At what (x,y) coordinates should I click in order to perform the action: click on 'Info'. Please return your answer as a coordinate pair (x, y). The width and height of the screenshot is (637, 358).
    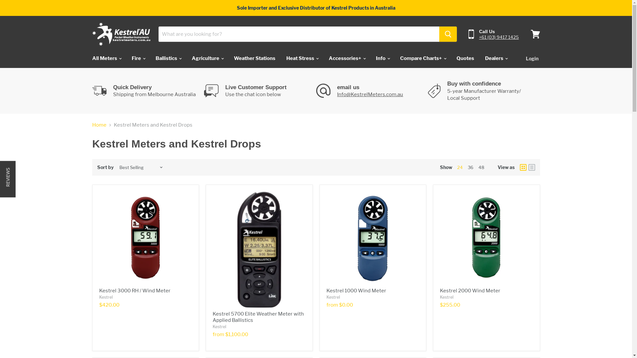
    Looking at the image, I should click on (371, 58).